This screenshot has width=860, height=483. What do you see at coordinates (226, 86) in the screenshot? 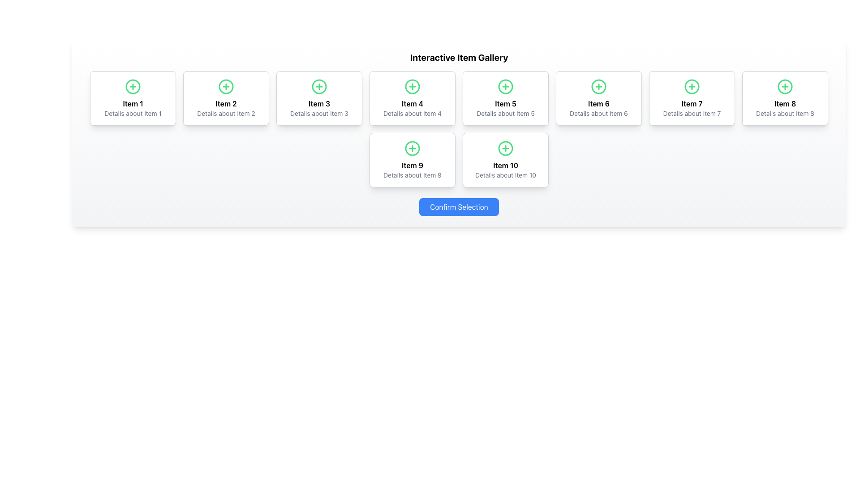
I see `the circular icon in the second box labeled 'Item 2' located in the upper row of the grid layout` at bounding box center [226, 86].